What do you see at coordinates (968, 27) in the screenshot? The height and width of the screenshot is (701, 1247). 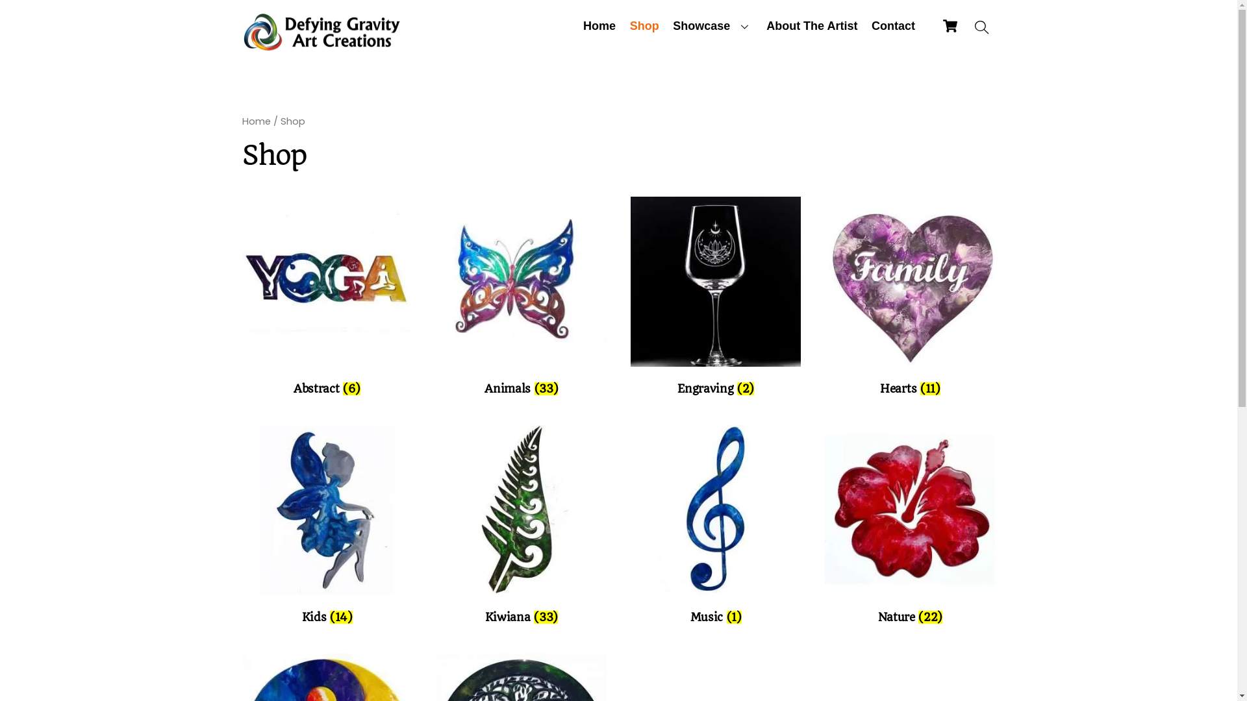 I see `'Search'` at bounding box center [968, 27].